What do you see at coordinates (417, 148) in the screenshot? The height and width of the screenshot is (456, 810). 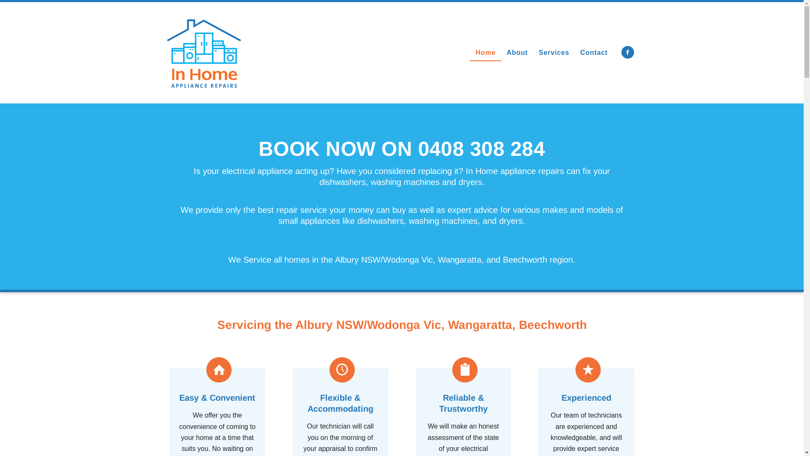 I see `'0408 308 284'` at bounding box center [417, 148].